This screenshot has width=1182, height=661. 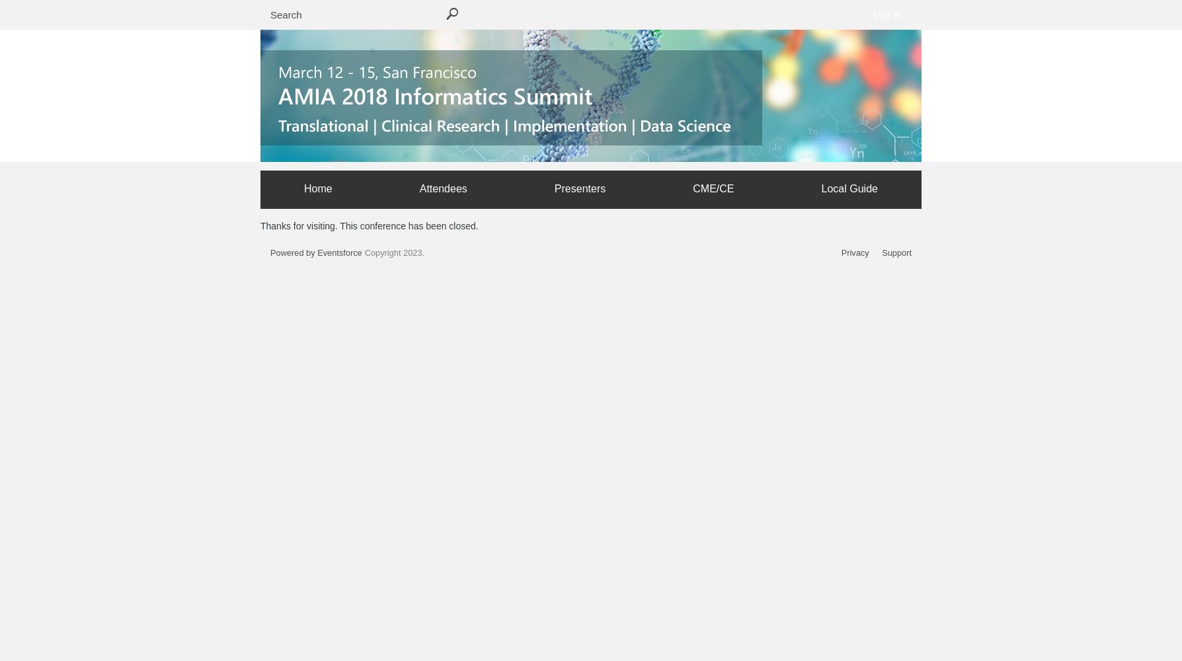 What do you see at coordinates (452, 15) in the screenshot?
I see `'Search'` at bounding box center [452, 15].